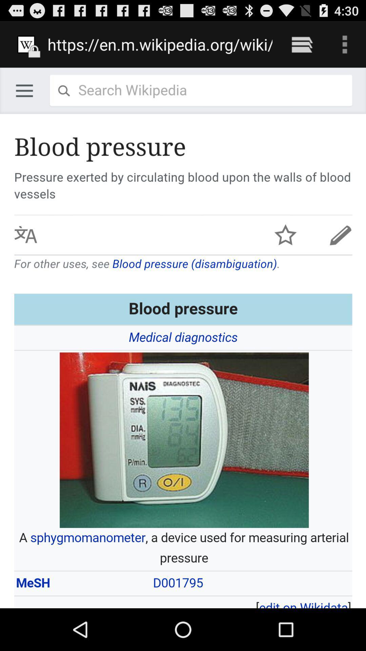 This screenshot has height=651, width=366. Describe the element at coordinates (183, 338) in the screenshot. I see `item at the center` at that location.